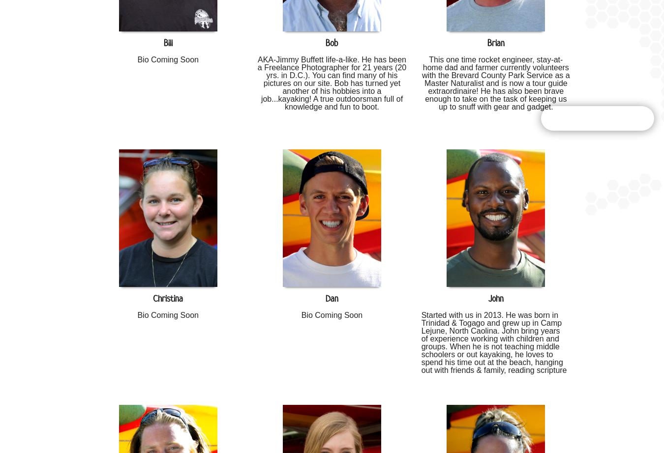 This screenshot has width=664, height=453. What do you see at coordinates (493, 353) in the screenshot?
I see `'Started with us in 2013. He was born in Trinidad & Togago and grew up in Camp Lejune, North Caolina. John bring years of experience working with children and groups. When he is not teaching middle schoolers or out kayaking, he loves to spend his time out at the beach, hanging out with friends & family, reading scripture & working out! His amiable demeanor was deceiving you as he trains & practices self-defense mixed martial arts.'` at bounding box center [493, 353].